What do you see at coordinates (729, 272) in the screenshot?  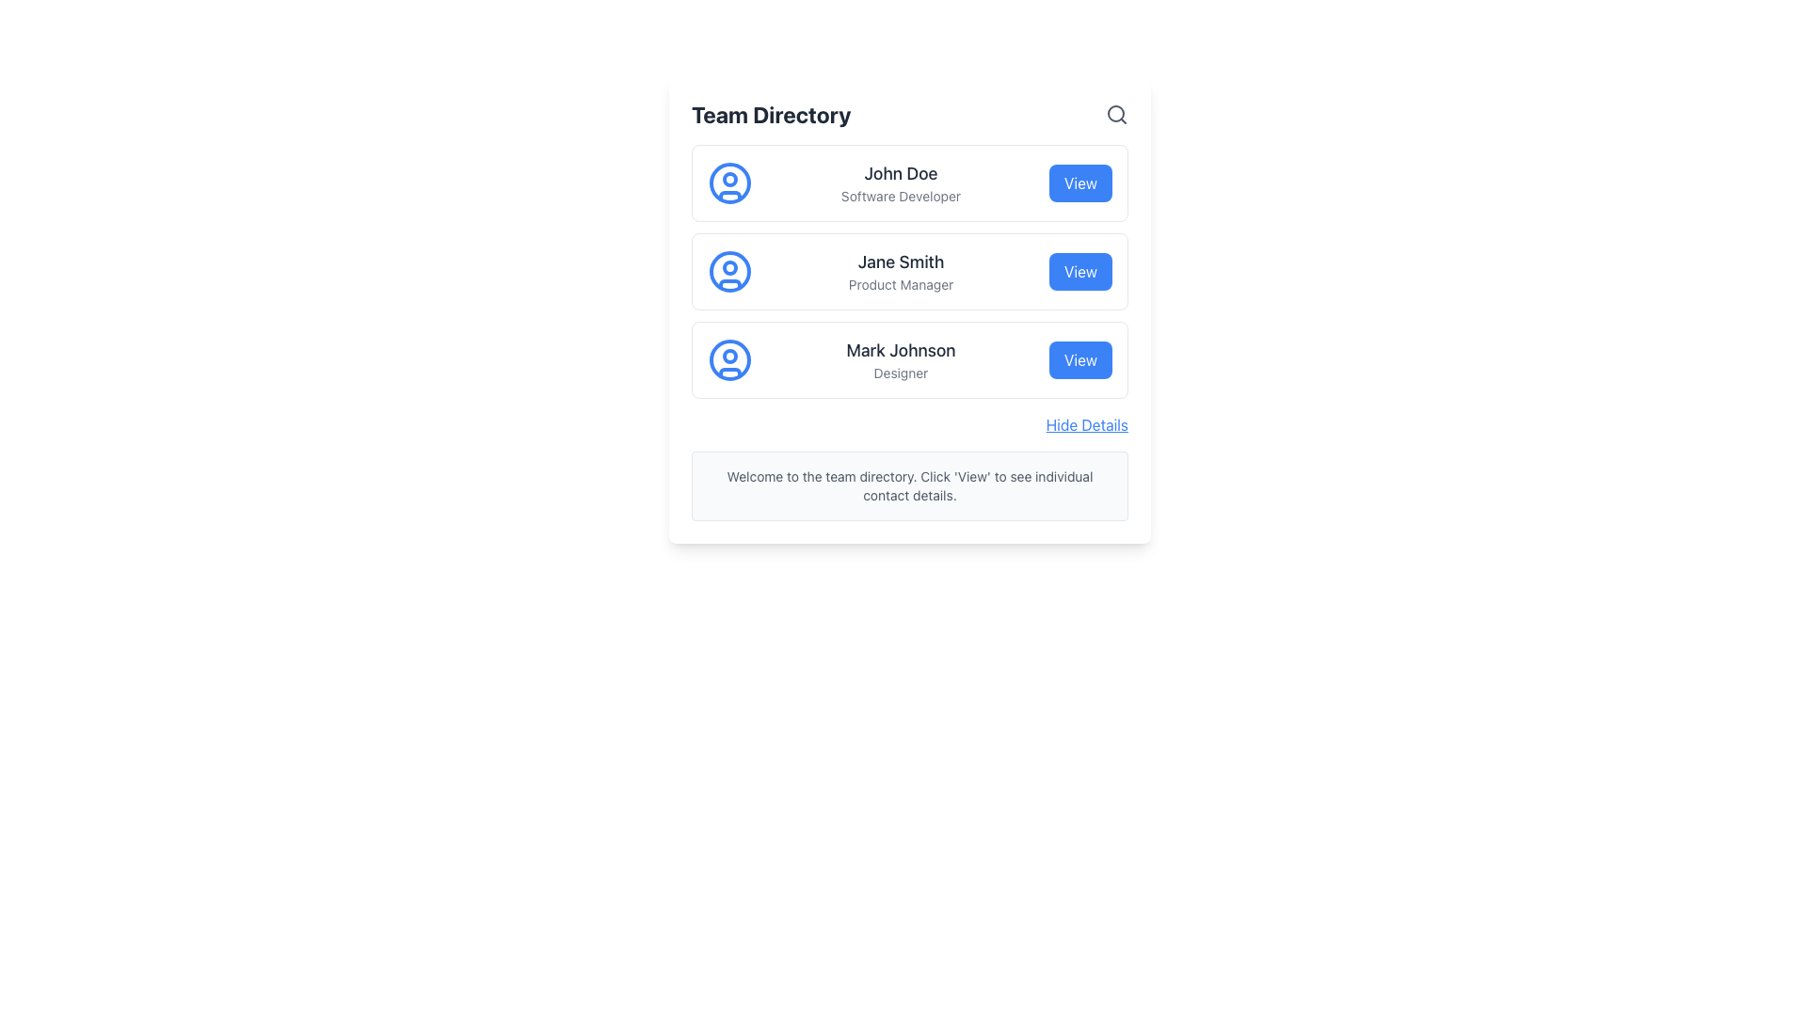 I see `the user icon representing 'Jane Smith - Product Manager' located in the second row of the 'Team Directory' section` at bounding box center [729, 272].